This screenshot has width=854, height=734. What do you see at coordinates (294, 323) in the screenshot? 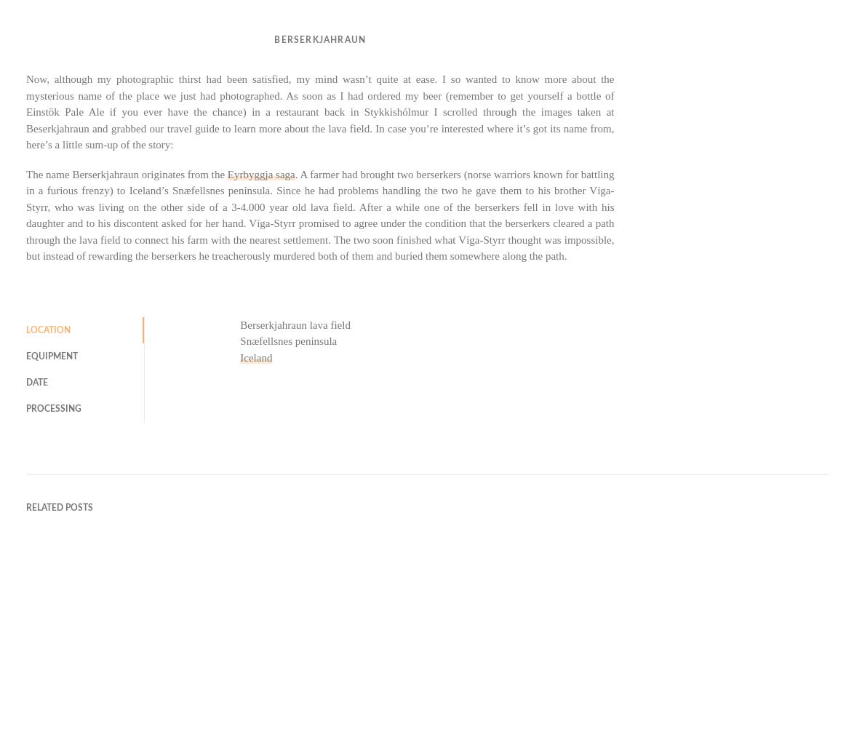
I see `'Berserkjahraun lava field'` at bounding box center [294, 323].